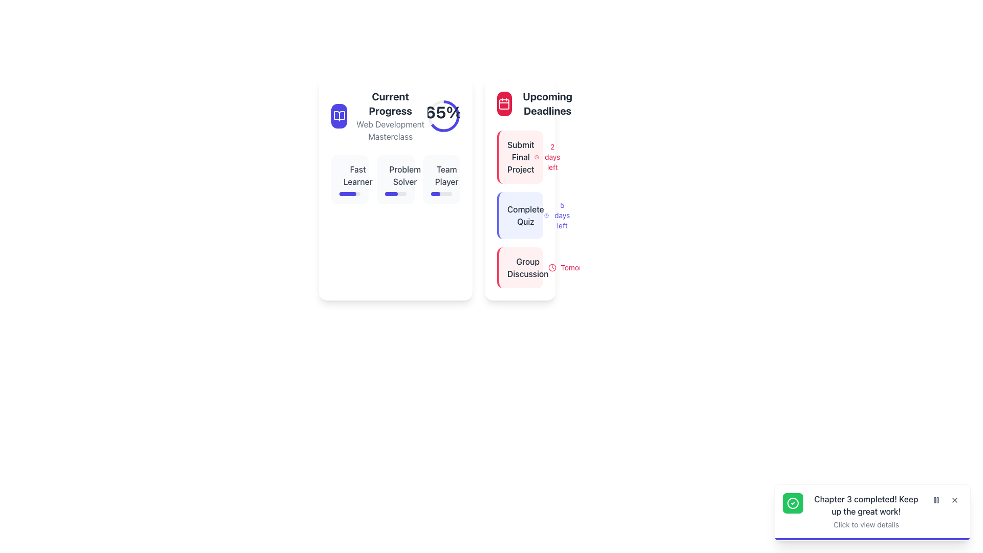 This screenshot has width=983, height=553. Describe the element at coordinates (872, 512) in the screenshot. I see `the Notification card located at the bottom-right corner of the interface` at that location.